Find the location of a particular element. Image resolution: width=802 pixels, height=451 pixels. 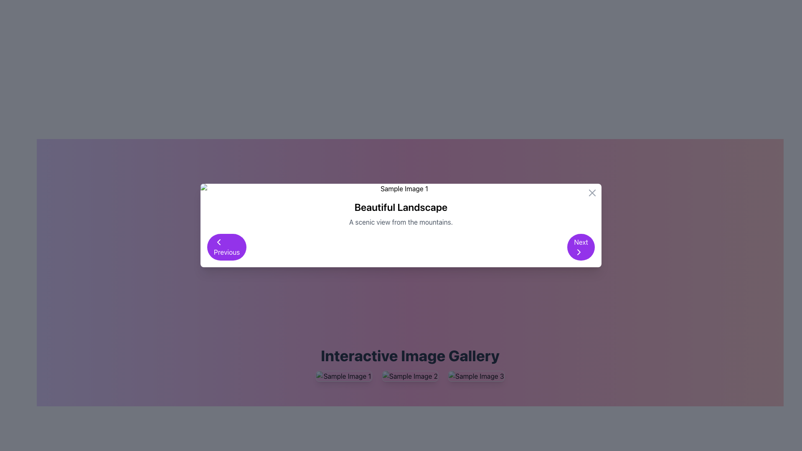

the selectable image thumbnail titled 'Sample Image 1' to apply the hover effect is located at coordinates (344, 376).